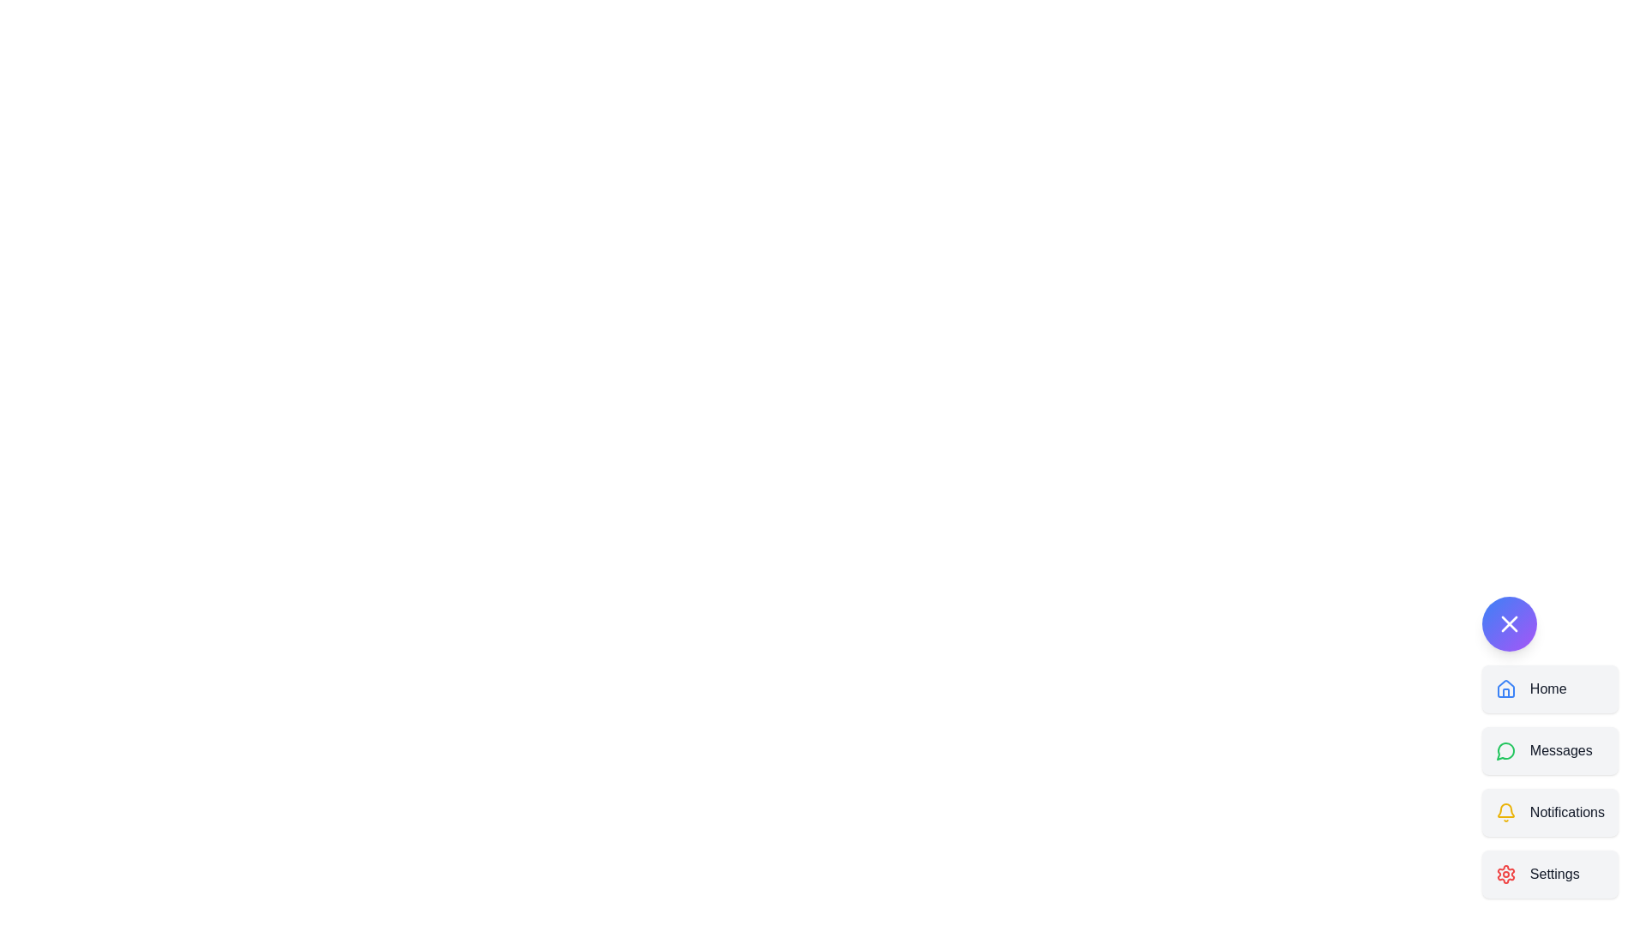 This screenshot has width=1646, height=926. What do you see at coordinates (1550, 688) in the screenshot?
I see `the 'Home' button, which has a light gray background, rounded corners, and is the first item in the vertical list of menu options` at bounding box center [1550, 688].